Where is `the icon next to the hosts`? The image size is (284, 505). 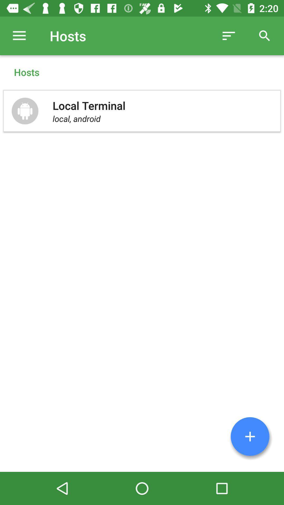
the icon next to the hosts is located at coordinates (229, 36).